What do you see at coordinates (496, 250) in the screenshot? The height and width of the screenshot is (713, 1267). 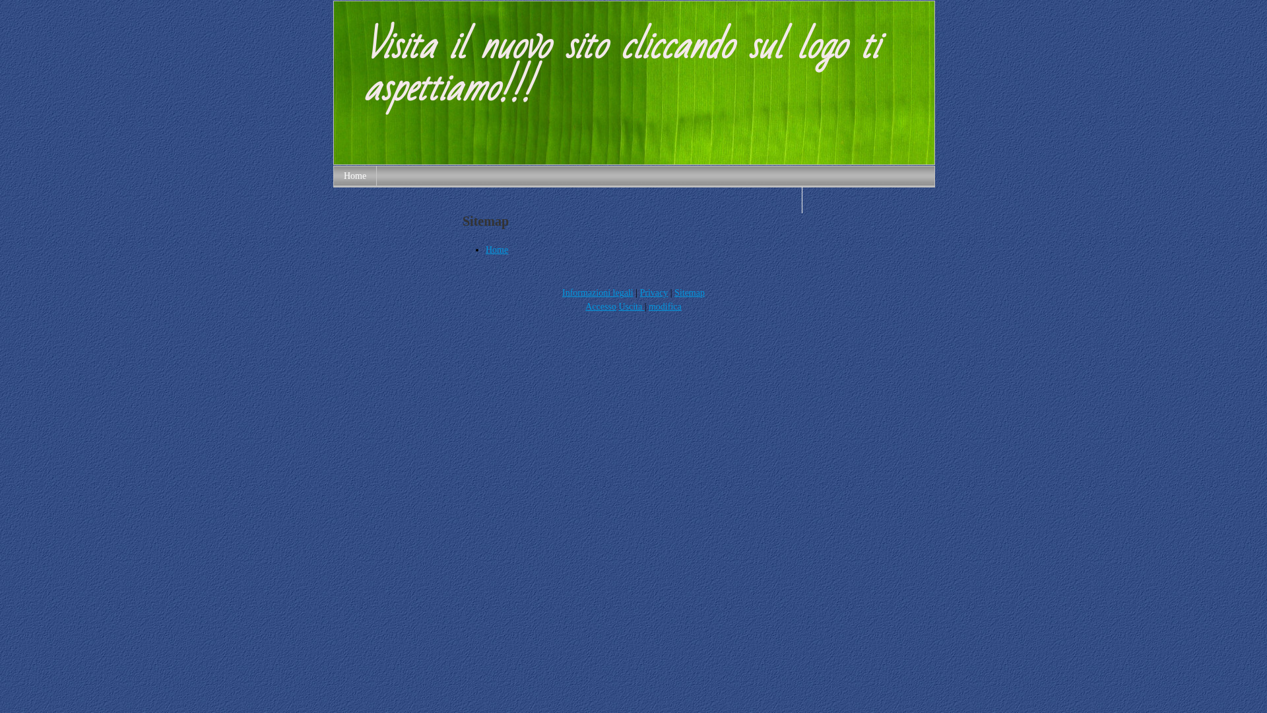 I see `'Home'` at bounding box center [496, 250].